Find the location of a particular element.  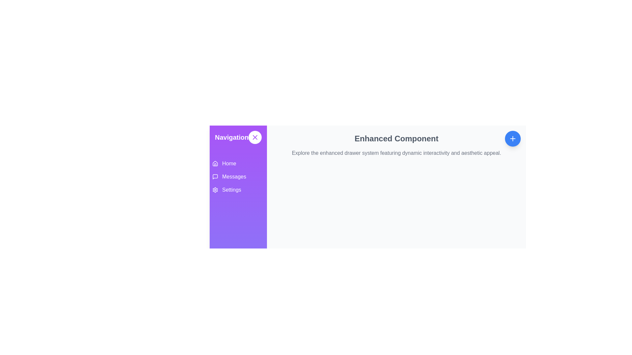

the hollow outline of the house-shaped icon representing the 'Home' navigation option is located at coordinates (215, 163).